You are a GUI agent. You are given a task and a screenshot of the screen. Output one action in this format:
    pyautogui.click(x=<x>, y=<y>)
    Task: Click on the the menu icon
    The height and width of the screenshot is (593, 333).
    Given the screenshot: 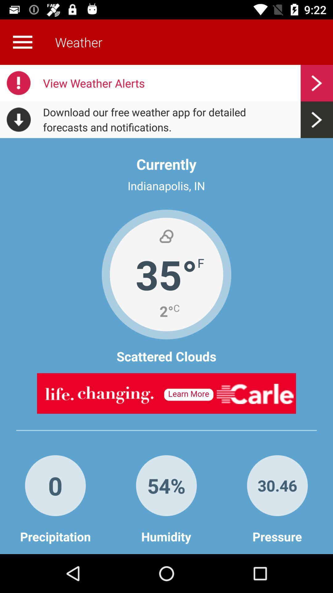 What is the action you would take?
    pyautogui.click(x=22, y=42)
    